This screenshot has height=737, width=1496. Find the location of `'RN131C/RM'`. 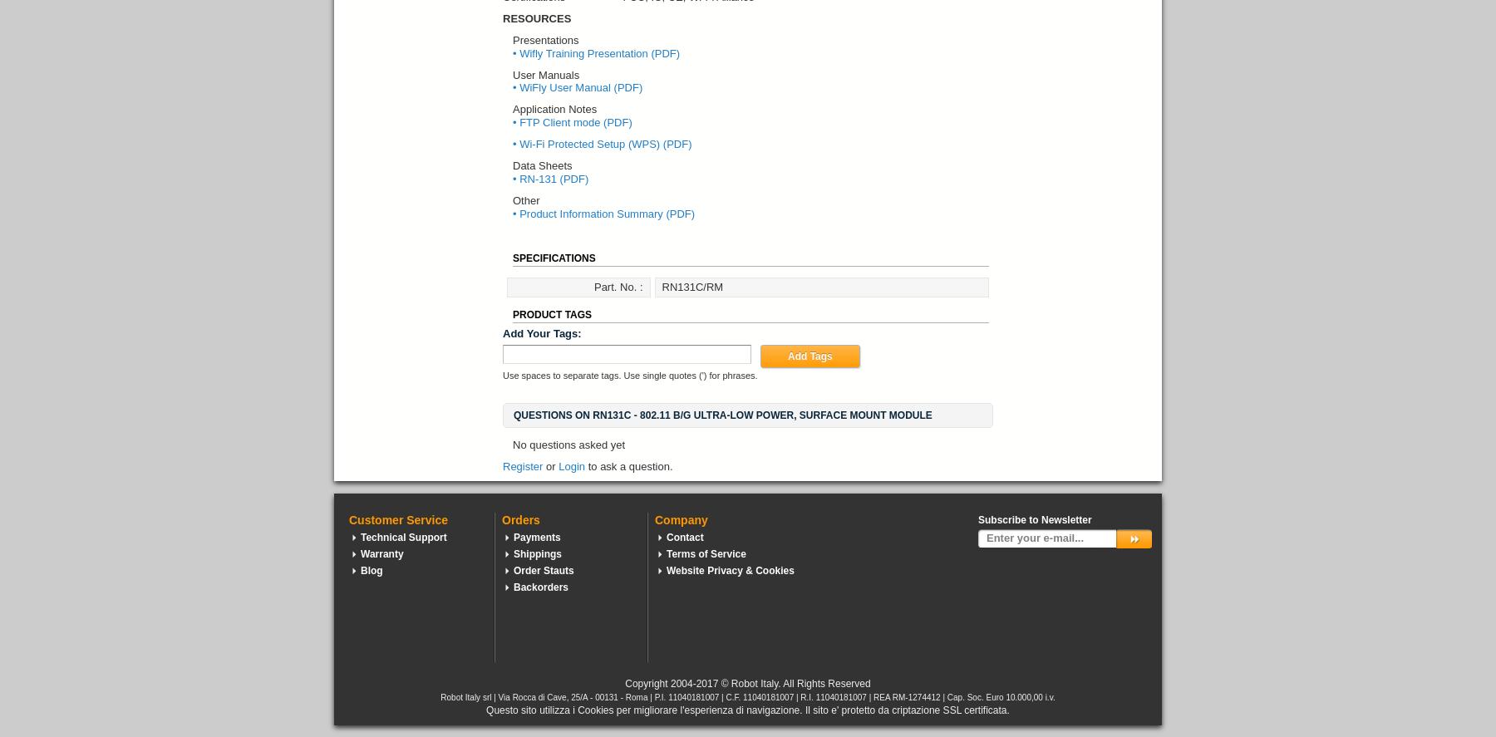

'RN131C/RM' is located at coordinates (692, 287).